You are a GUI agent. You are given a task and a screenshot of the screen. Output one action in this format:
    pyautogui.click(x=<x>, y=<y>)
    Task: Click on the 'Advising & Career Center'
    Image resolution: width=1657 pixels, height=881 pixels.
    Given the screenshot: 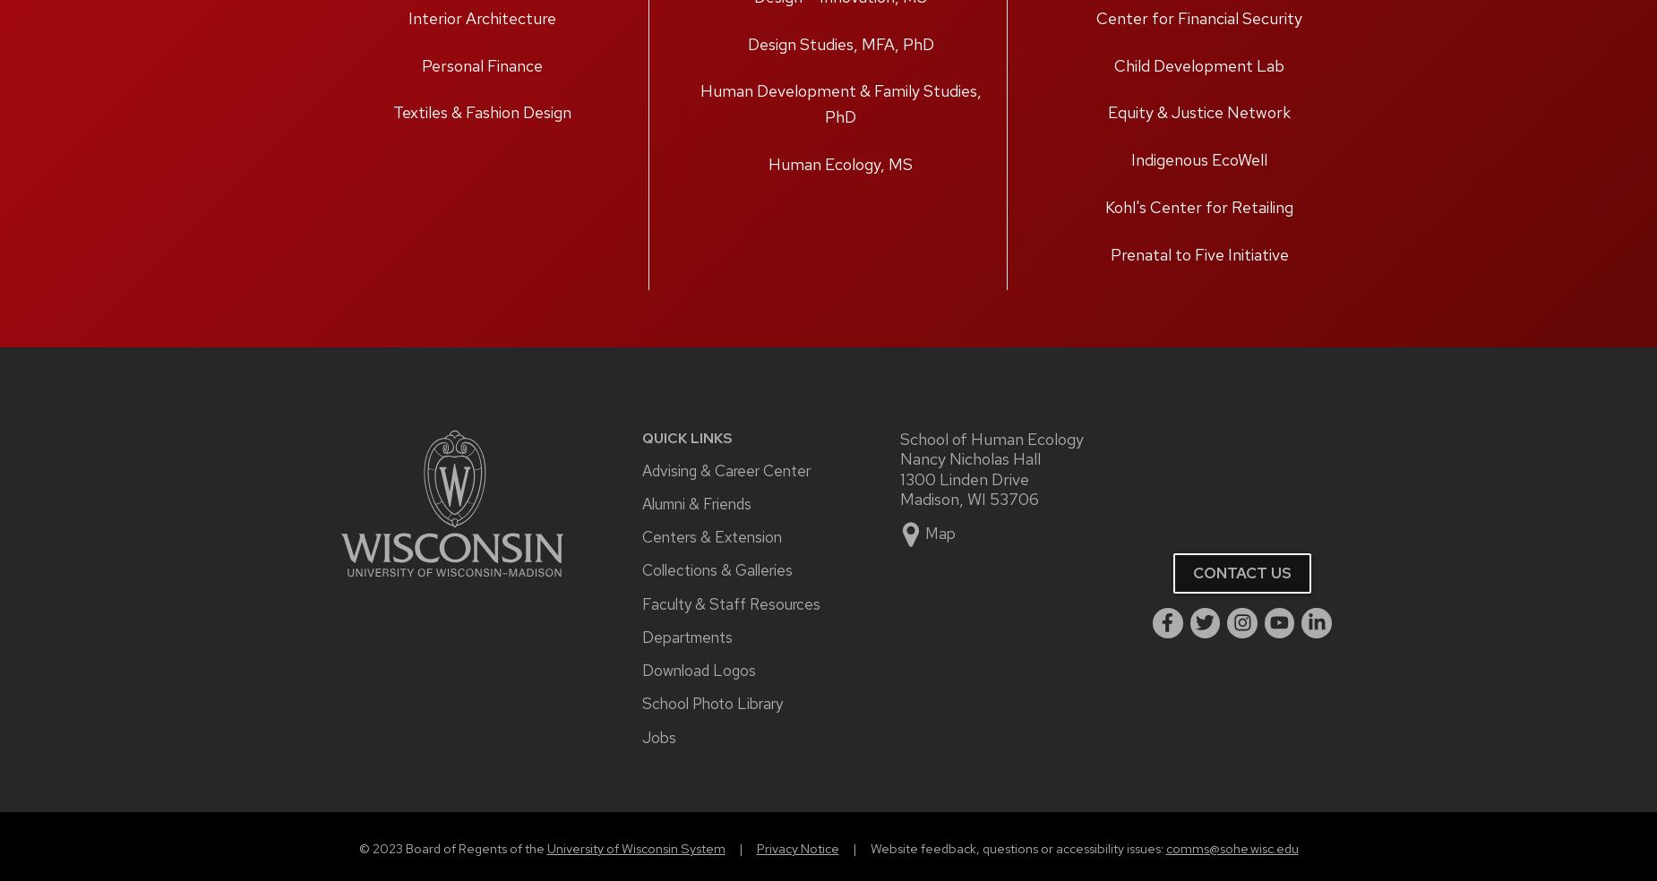 What is the action you would take?
    pyautogui.click(x=726, y=468)
    